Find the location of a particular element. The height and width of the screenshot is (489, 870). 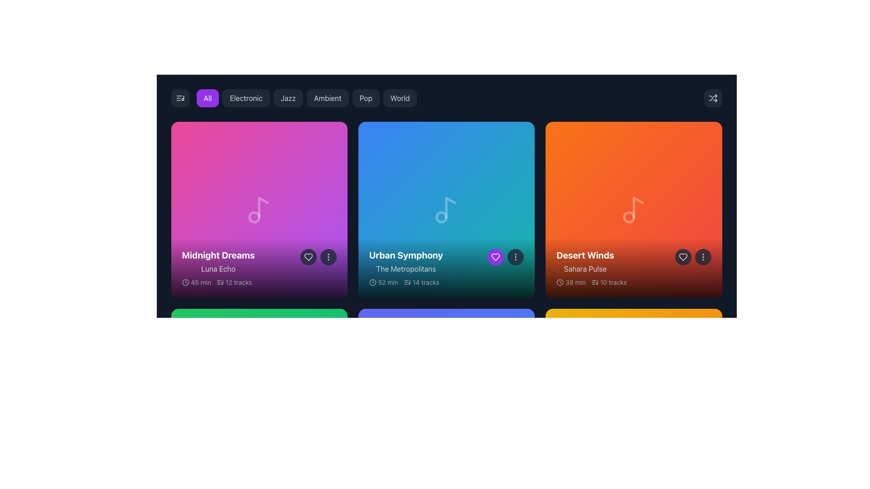

the visual indicator, which is a circular clock icon with minimalist lines located to the left of the '41 min' text within the time display section at the bottom left corner of the first card below the 'Urban Symphony' card is located at coordinates (185, 469).